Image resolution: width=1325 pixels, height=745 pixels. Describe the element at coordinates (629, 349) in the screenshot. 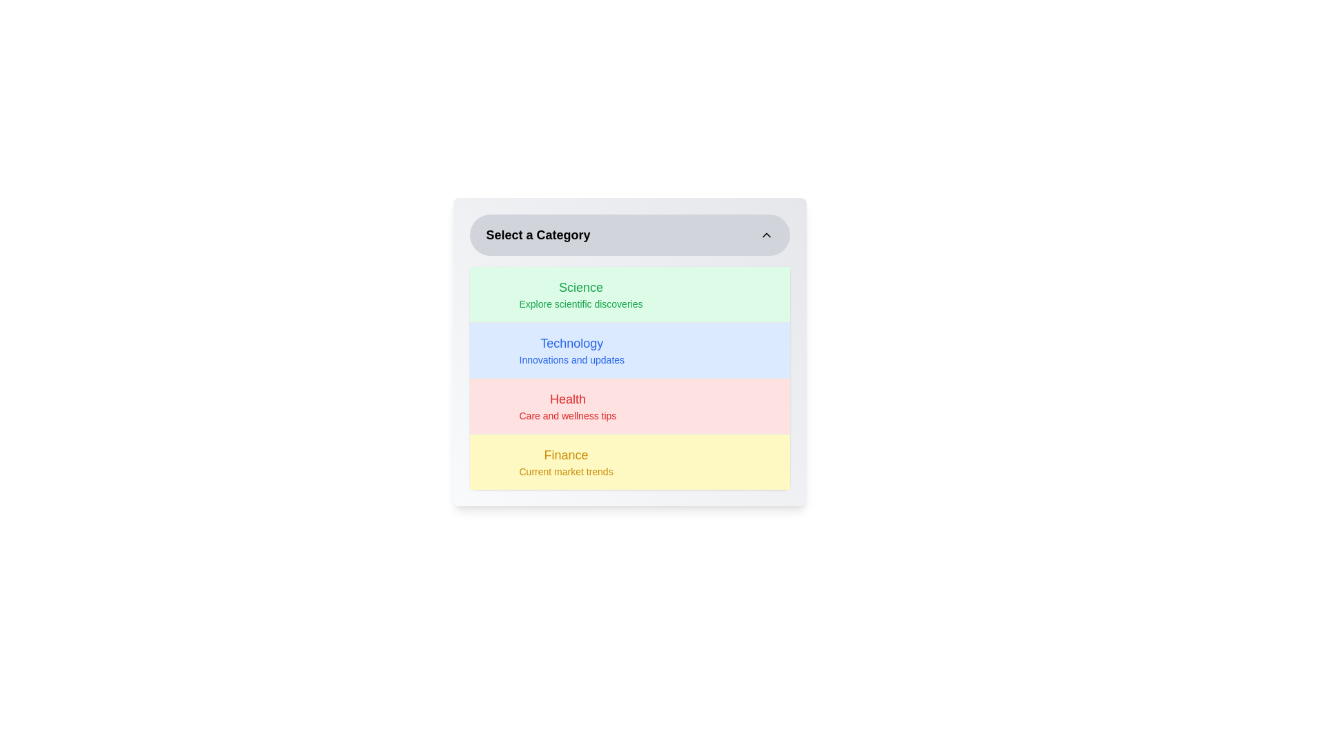

I see `the category Technology from the list` at that location.